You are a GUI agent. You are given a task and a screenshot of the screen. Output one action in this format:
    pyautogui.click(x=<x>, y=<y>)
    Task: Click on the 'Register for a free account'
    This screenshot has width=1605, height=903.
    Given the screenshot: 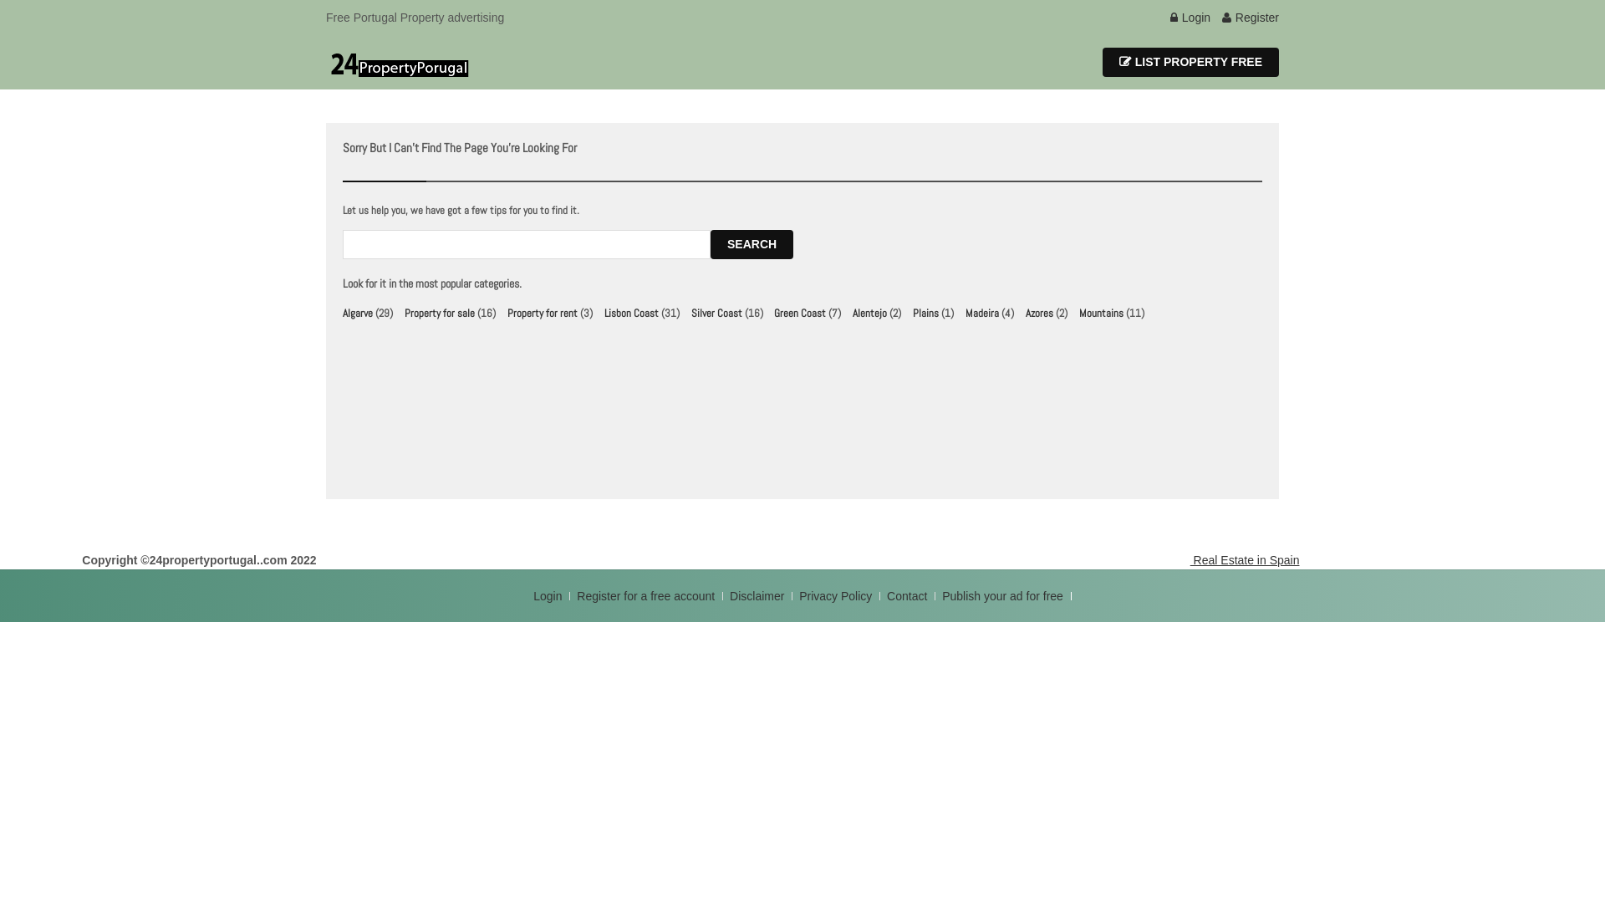 What is the action you would take?
    pyautogui.click(x=646, y=595)
    